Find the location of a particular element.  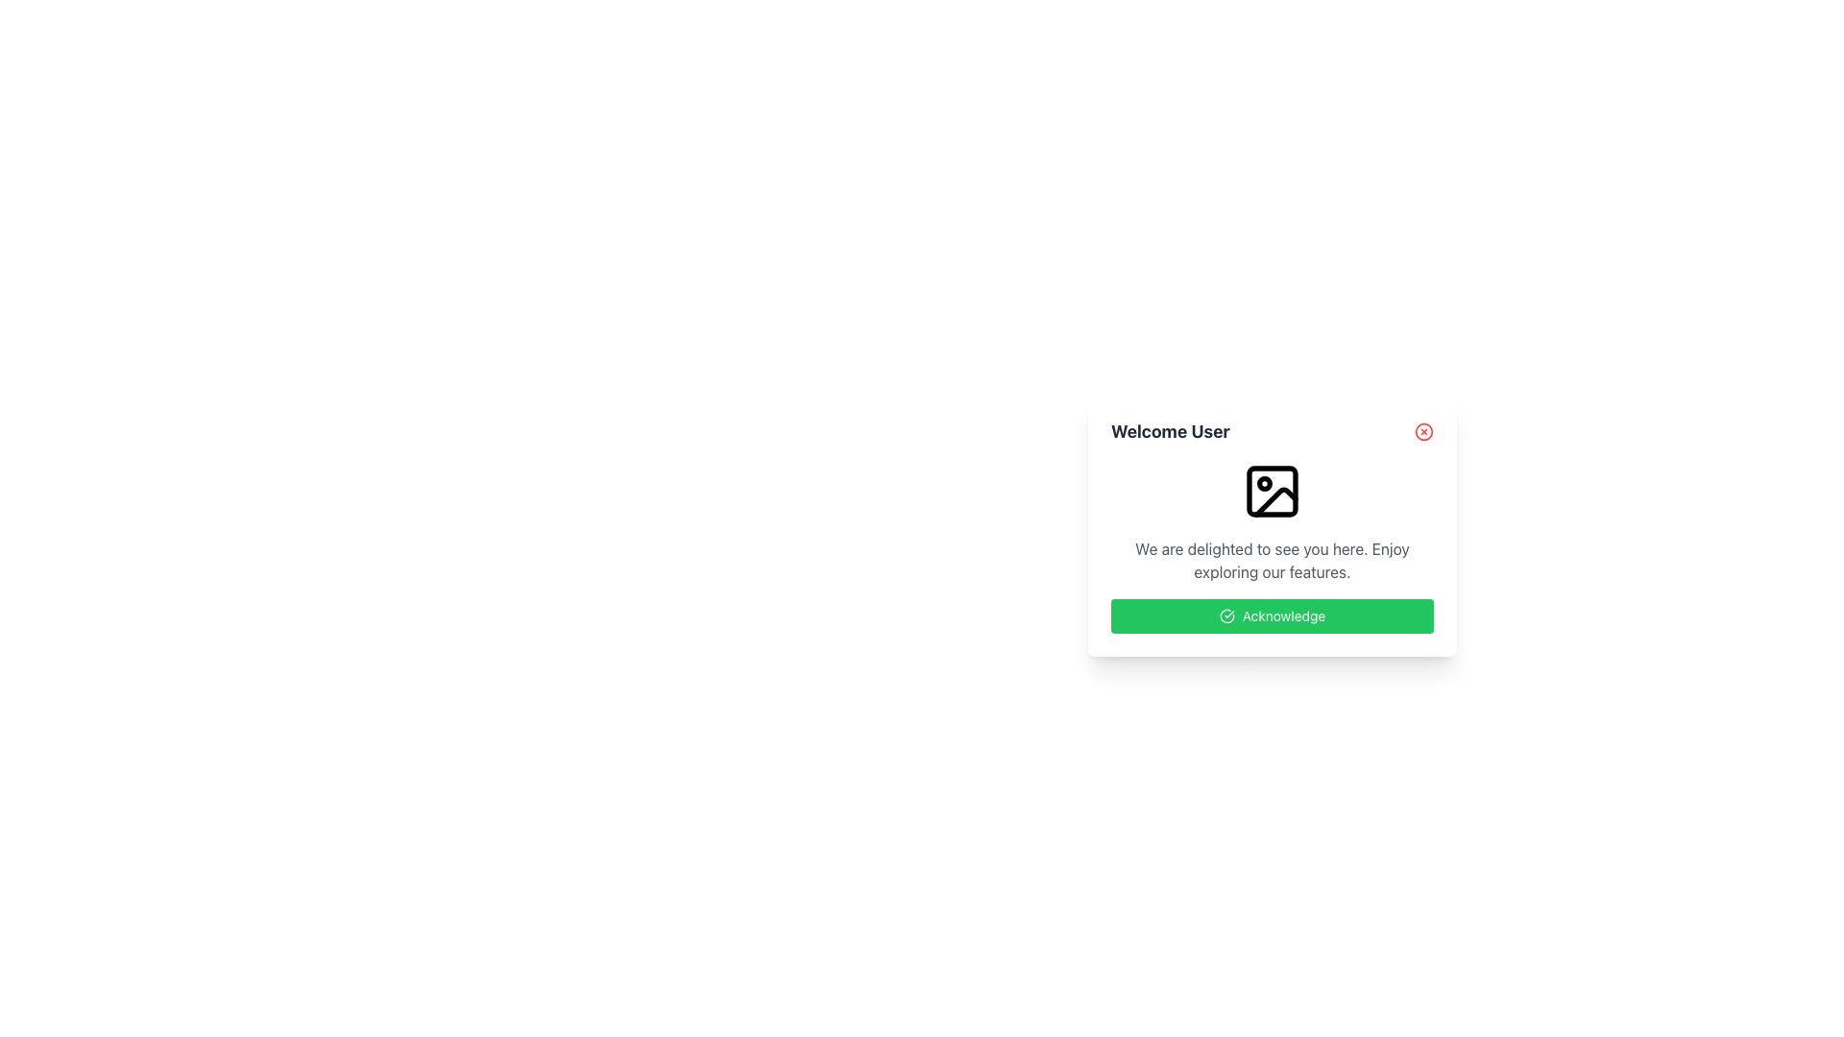

the circular close button located in the upper-right corner of the dialog box is located at coordinates (1424, 429).